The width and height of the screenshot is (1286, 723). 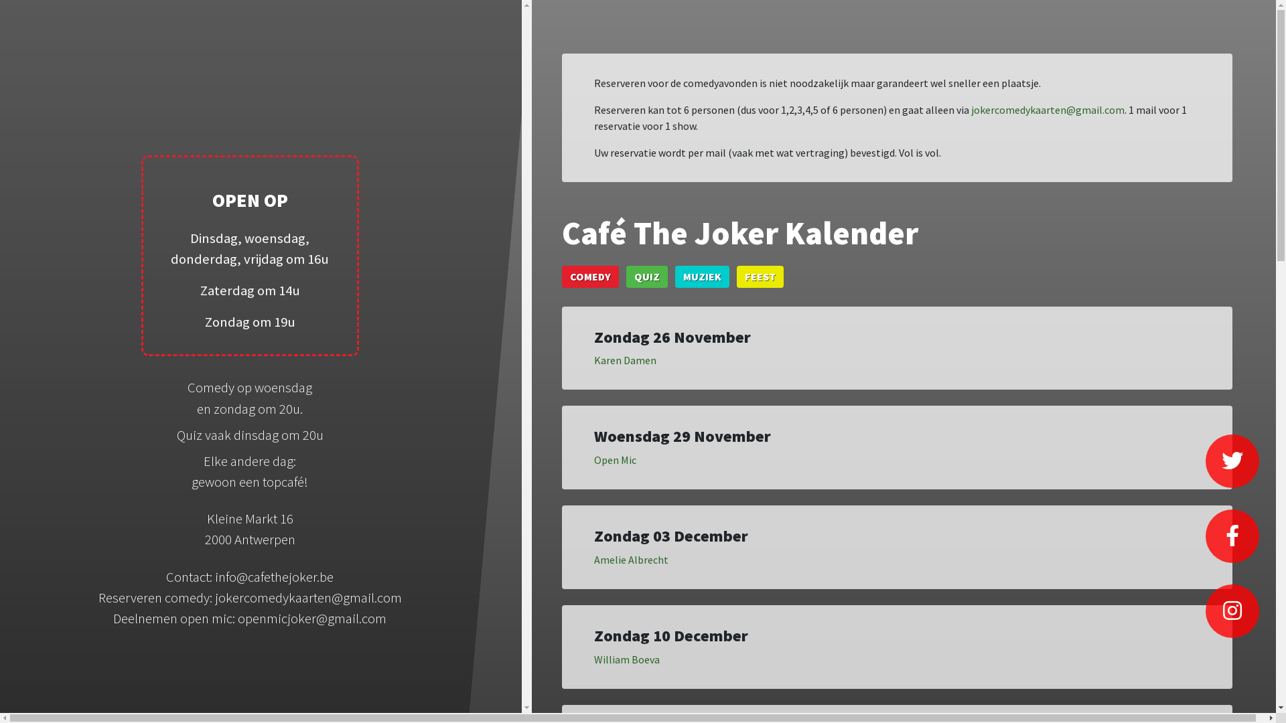 I want to click on 'jokercomedykaarten@gmail.com', so click(x=1047, y=109).